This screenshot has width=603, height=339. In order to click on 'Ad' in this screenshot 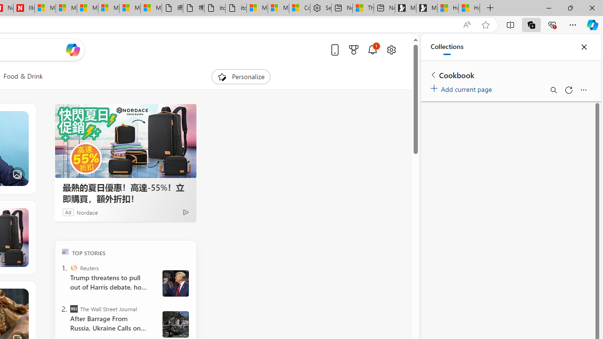, I will do `click(68, 212)`.